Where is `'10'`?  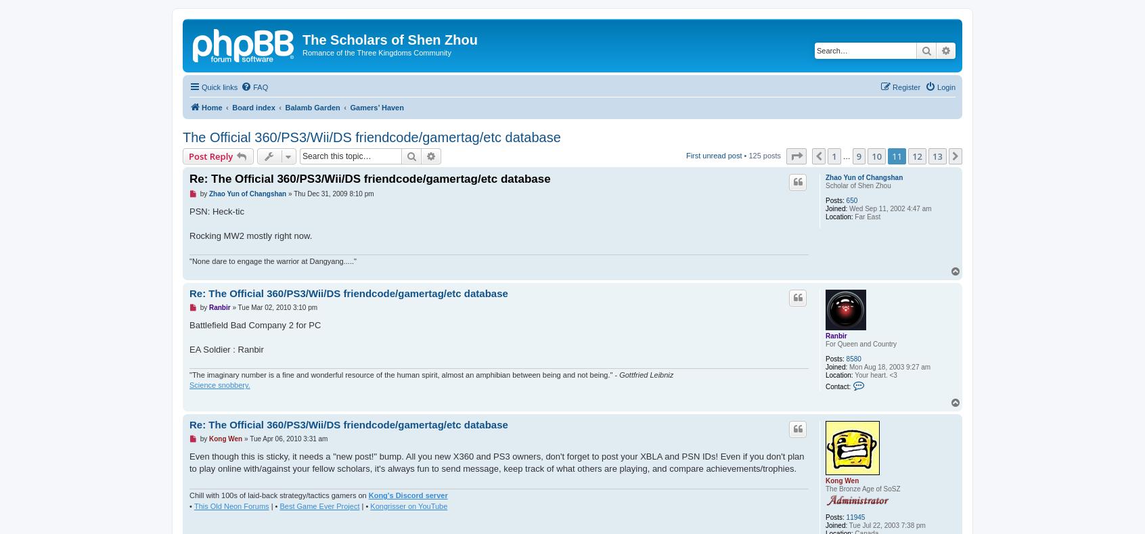
'10' is located at coordinates (876, 156).